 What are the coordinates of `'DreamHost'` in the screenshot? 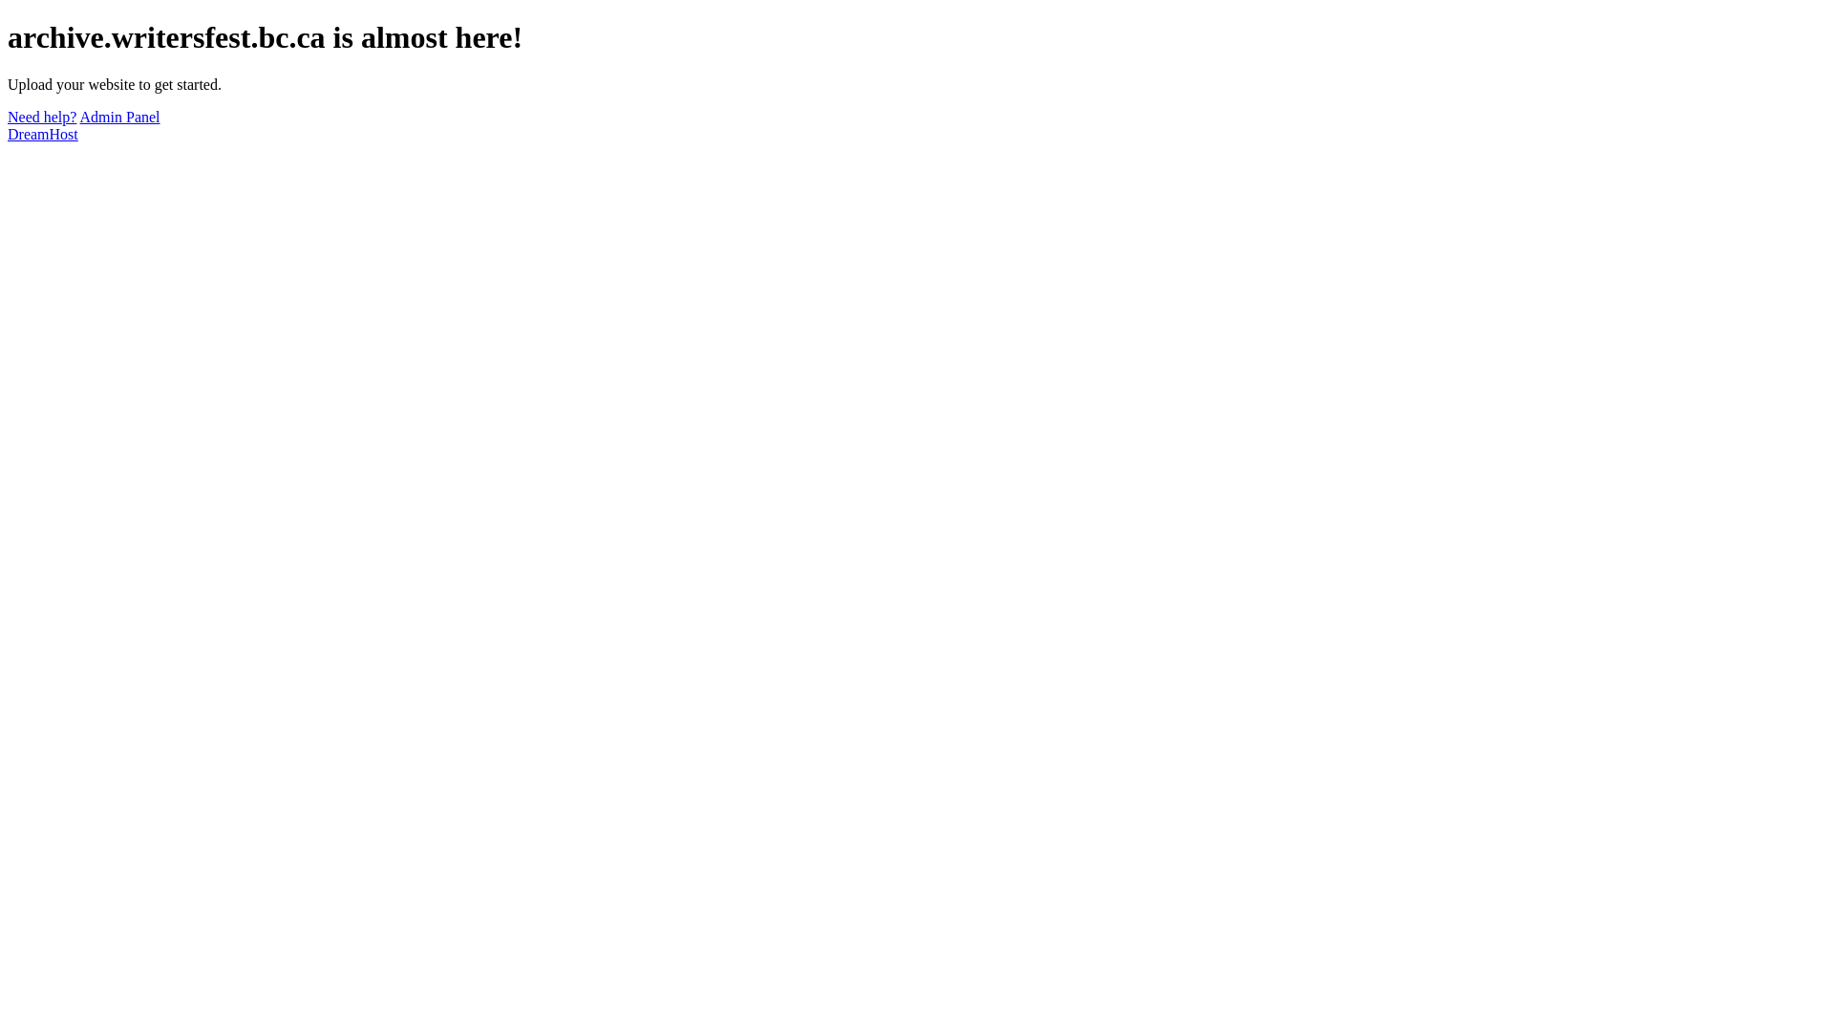 It's located at (42, 133).